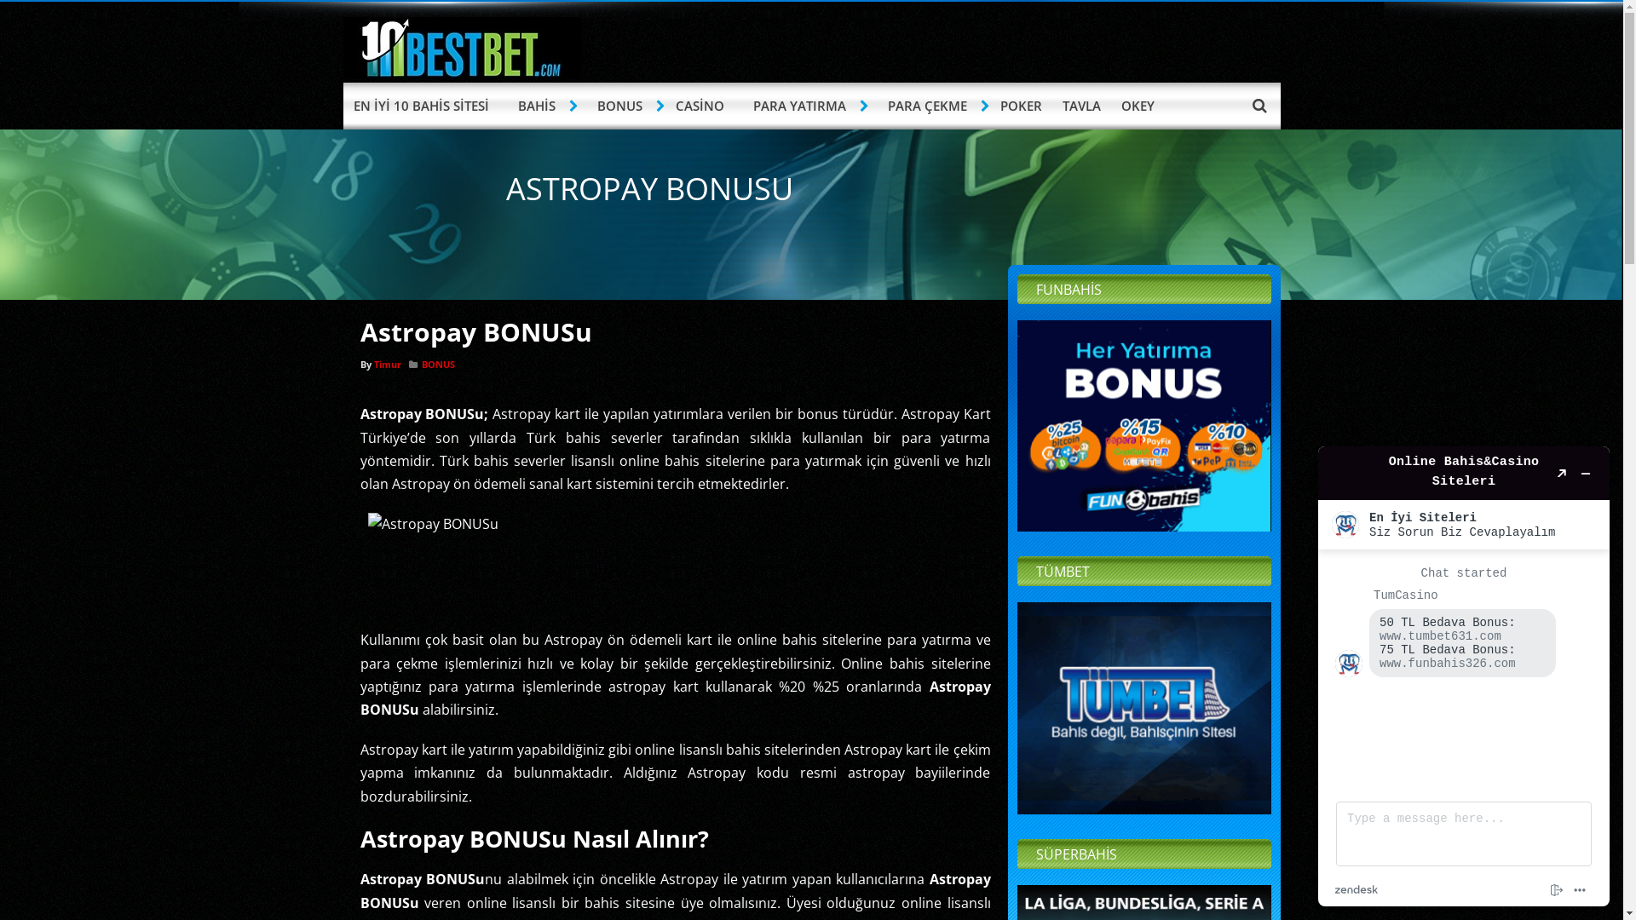 The image size is (1636, 920). What do you see at coordinates (1138, 106) in the screenshot?
I see `'OKEY'` at bounding box center [1138, 106].